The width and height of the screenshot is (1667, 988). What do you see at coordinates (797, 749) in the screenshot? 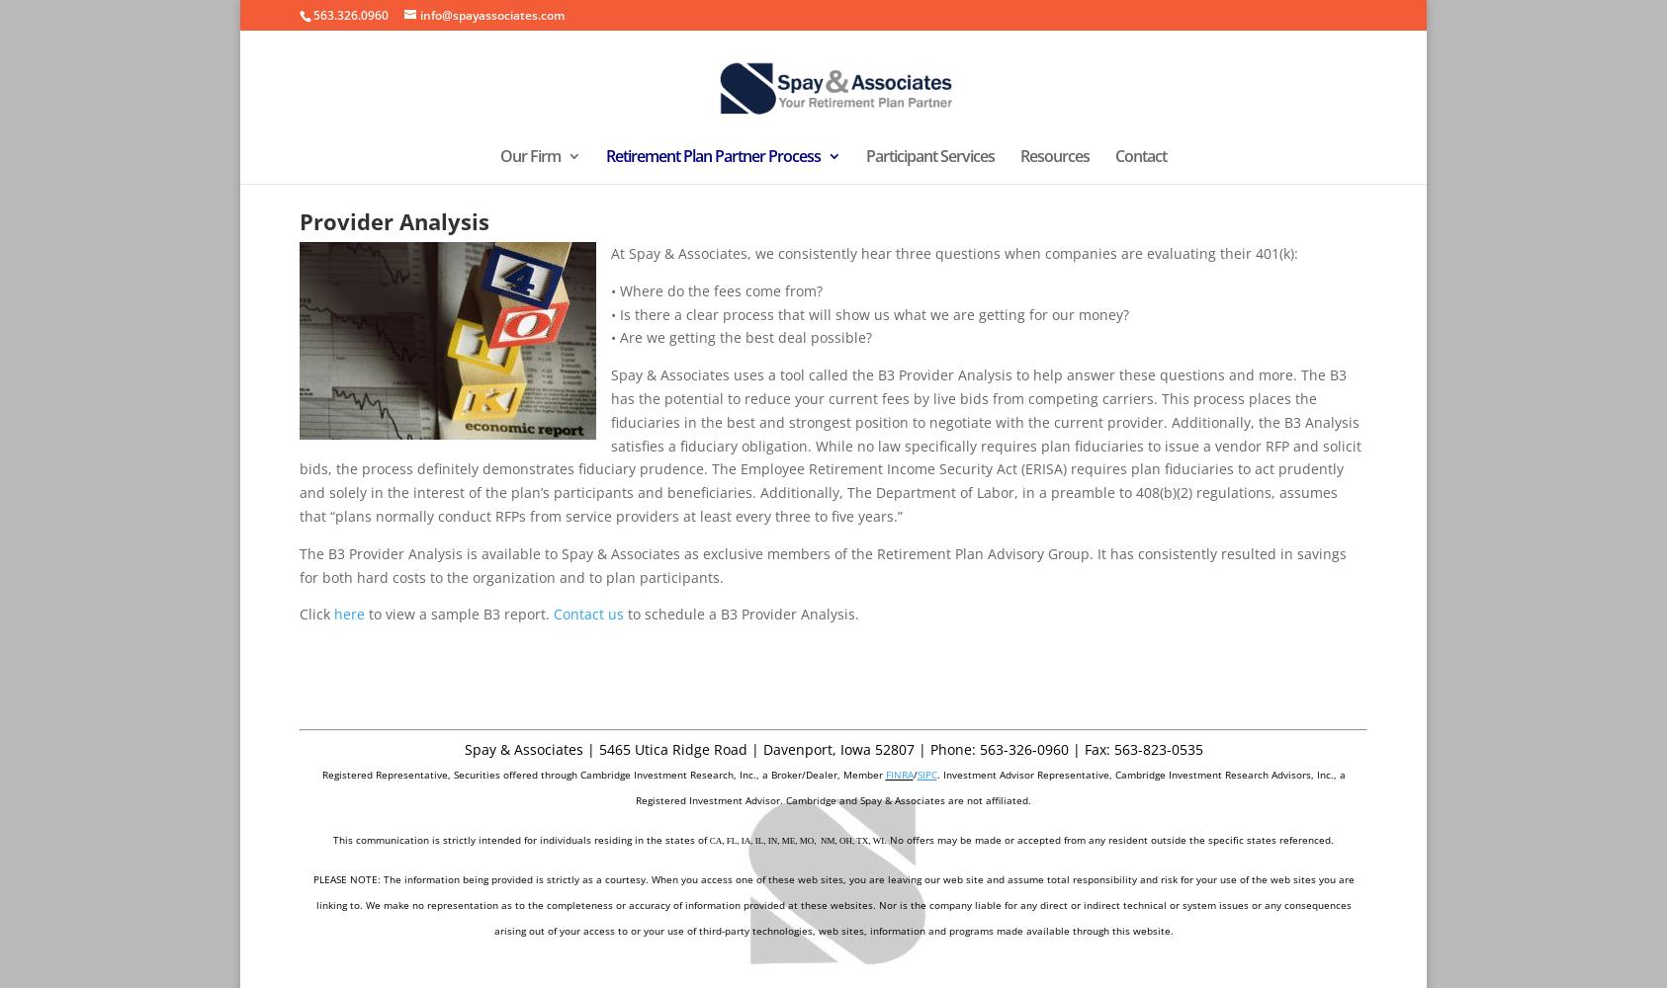
I see `'Davenport'` at bounding box center [797, 749].